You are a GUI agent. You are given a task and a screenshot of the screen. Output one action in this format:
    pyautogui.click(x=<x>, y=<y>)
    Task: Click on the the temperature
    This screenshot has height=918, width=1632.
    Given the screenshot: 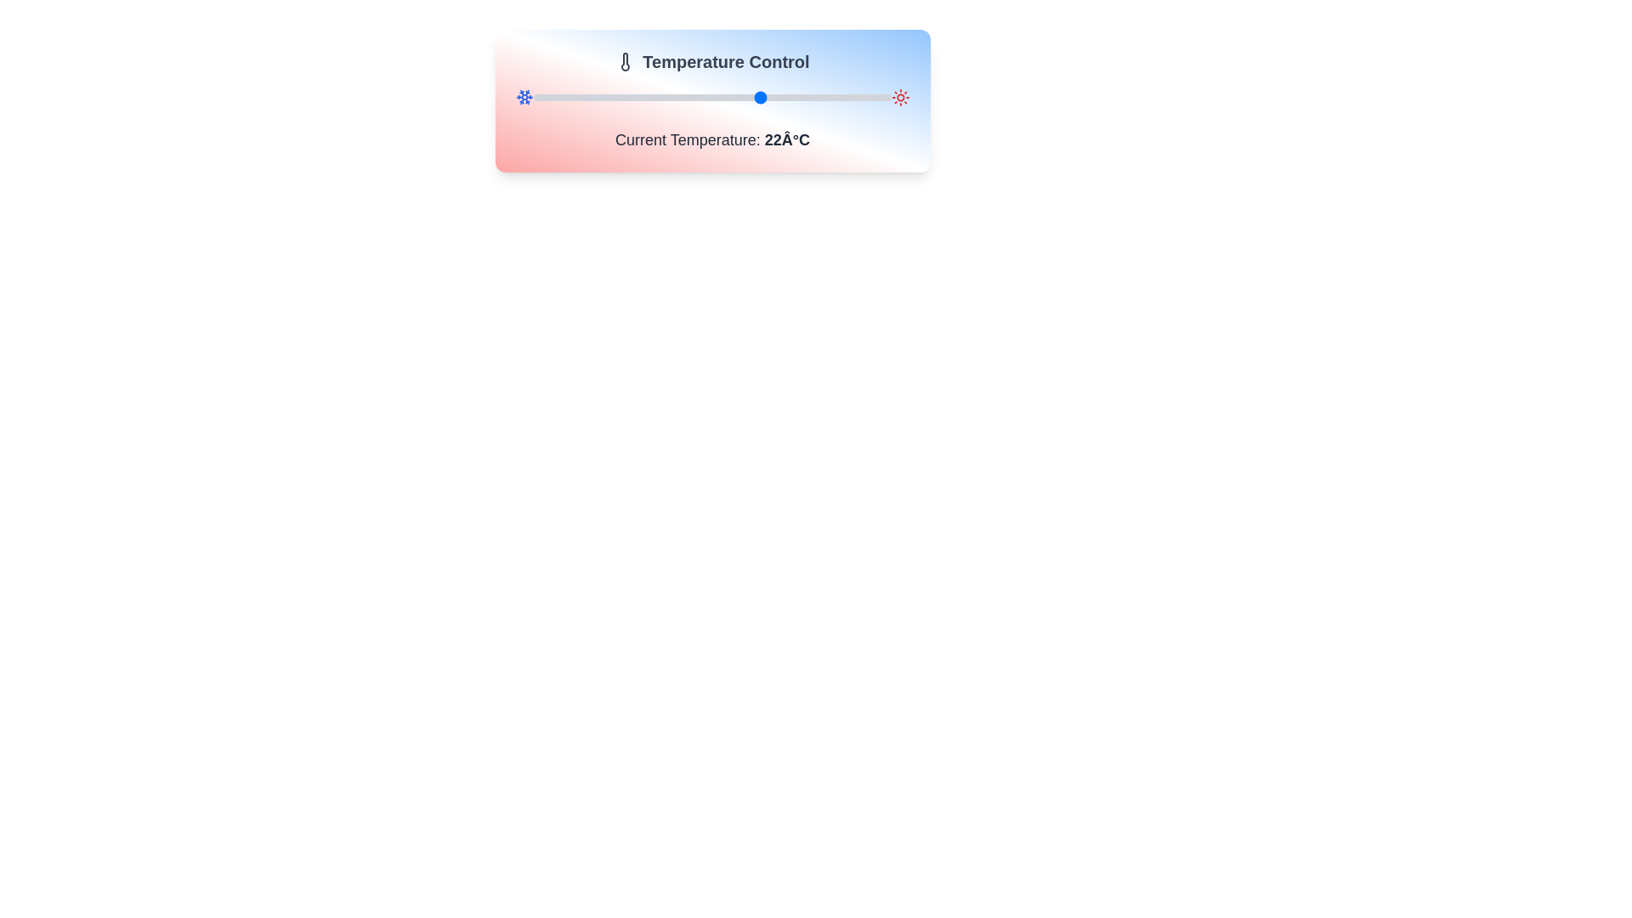 What is the action you would take?
    pyautogui.click(x=605, y=98)
    